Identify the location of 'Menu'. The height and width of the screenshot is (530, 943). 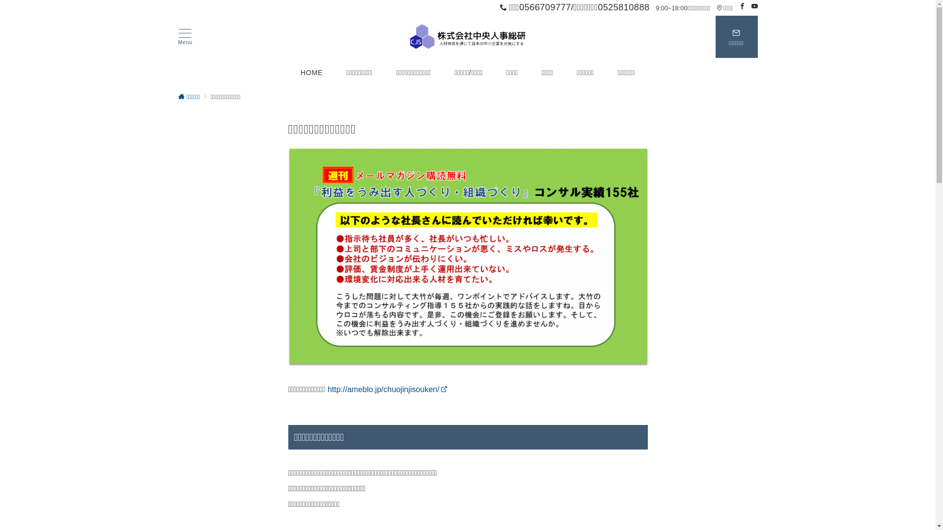
(185, 36).